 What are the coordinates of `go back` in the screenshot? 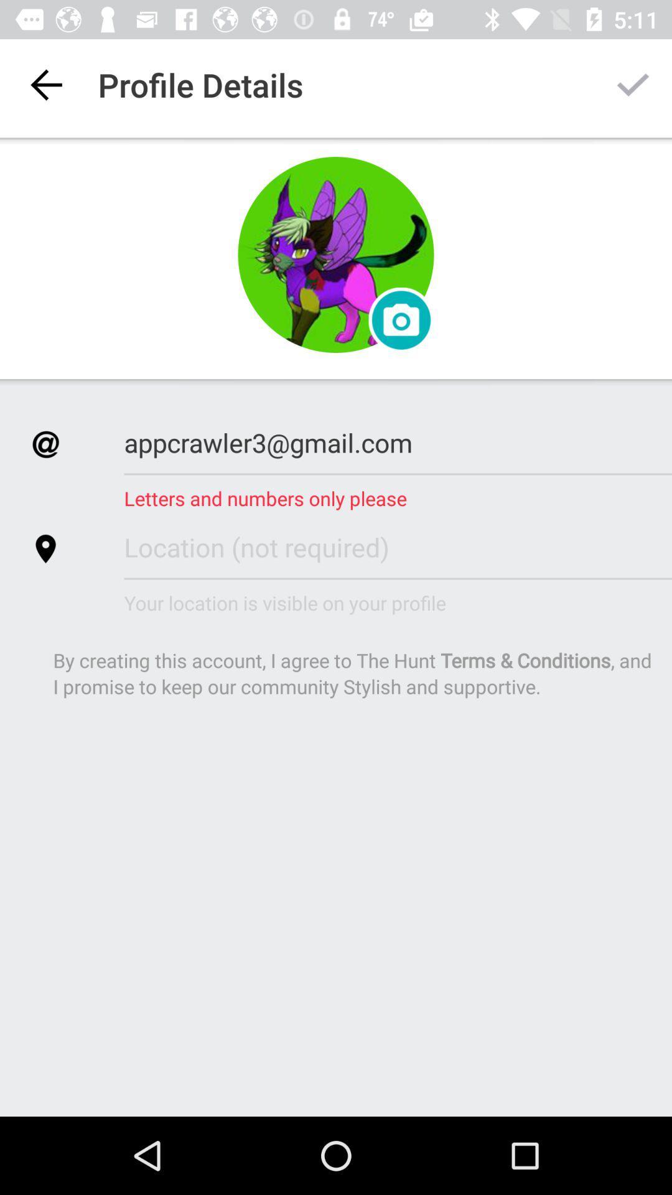 It's located at (45, 84).